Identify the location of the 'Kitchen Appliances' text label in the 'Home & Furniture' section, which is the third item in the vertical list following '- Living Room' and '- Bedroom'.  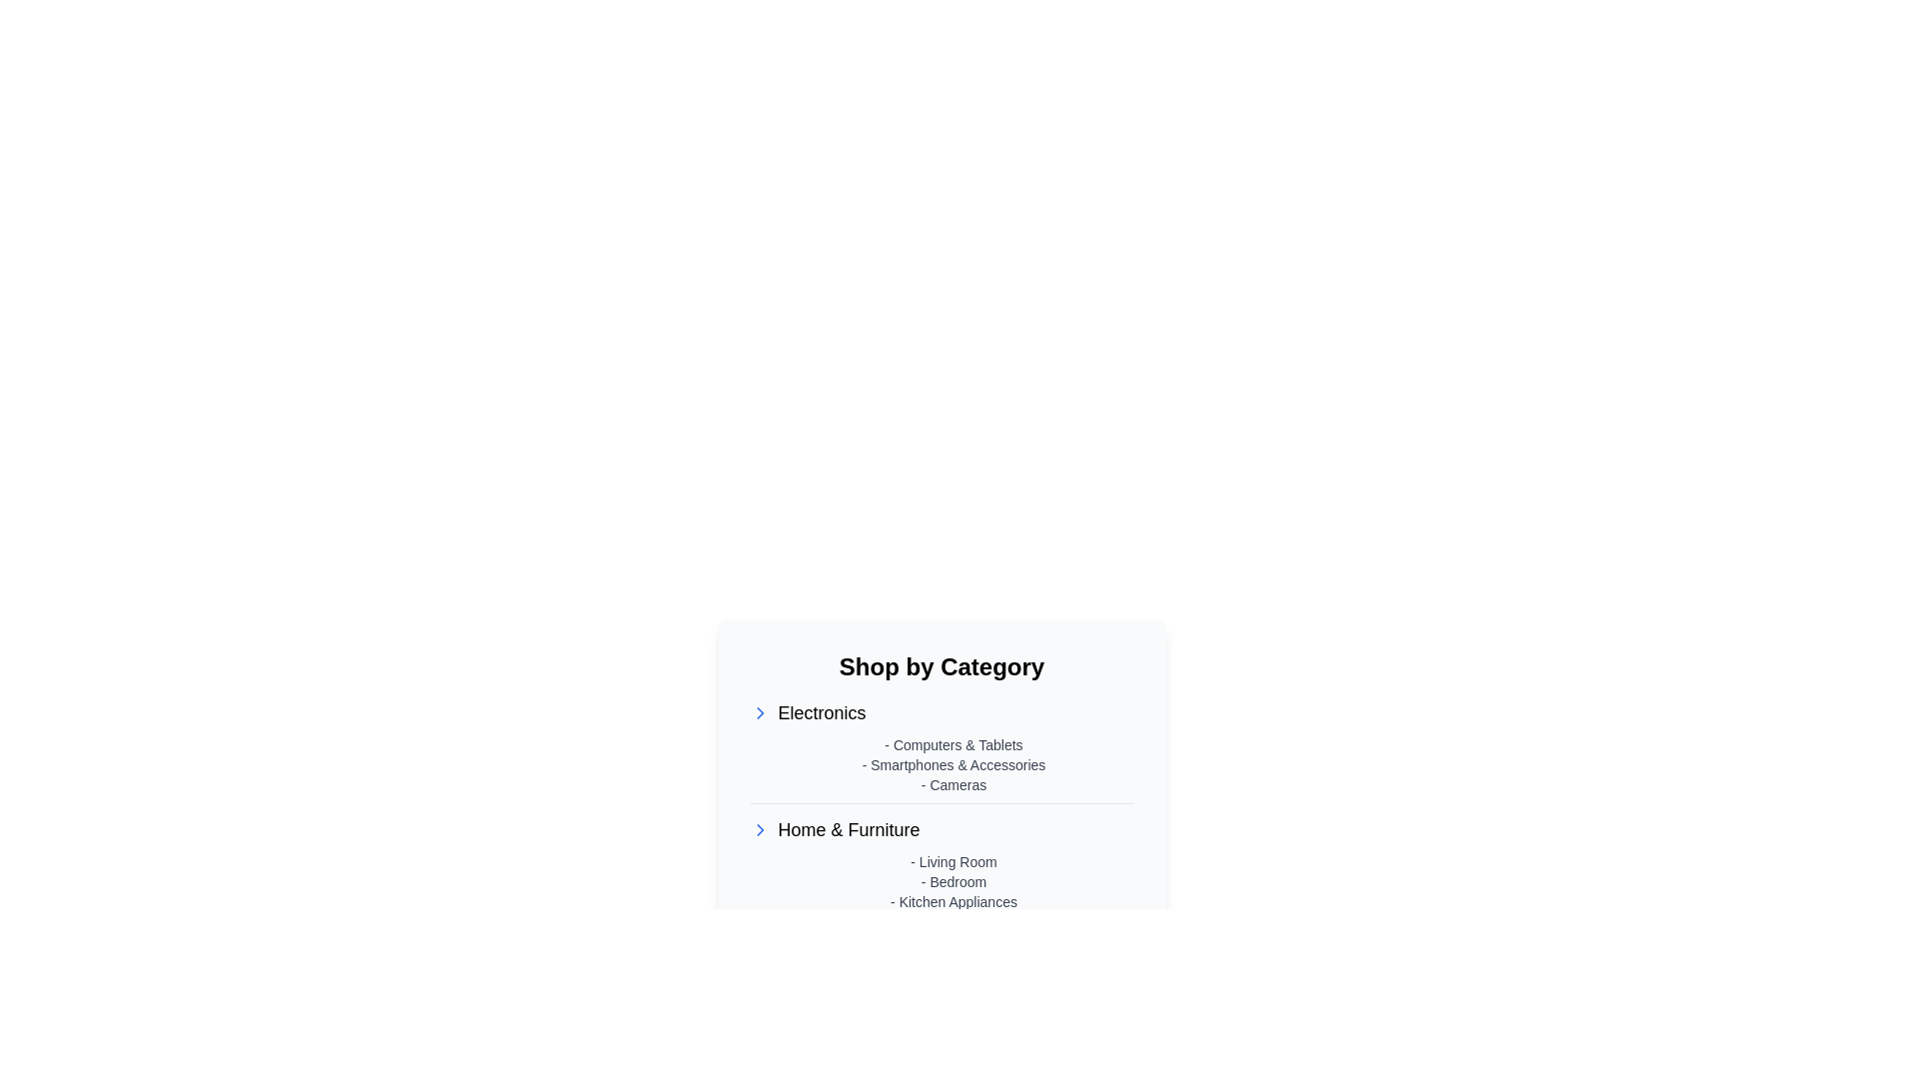
(953, 901).